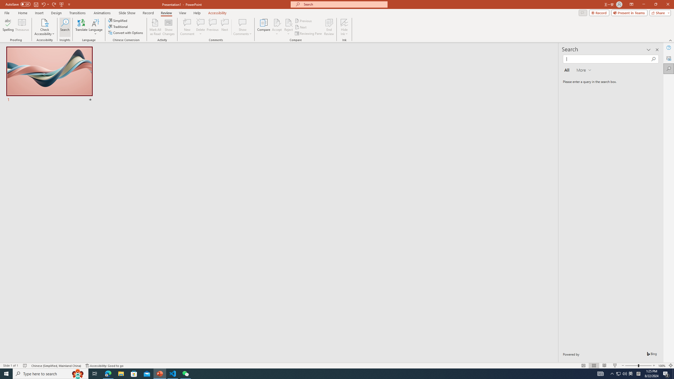  Describe the element at coordinates (277, 27) in the screenshot. I see `'Accept'` at that location.